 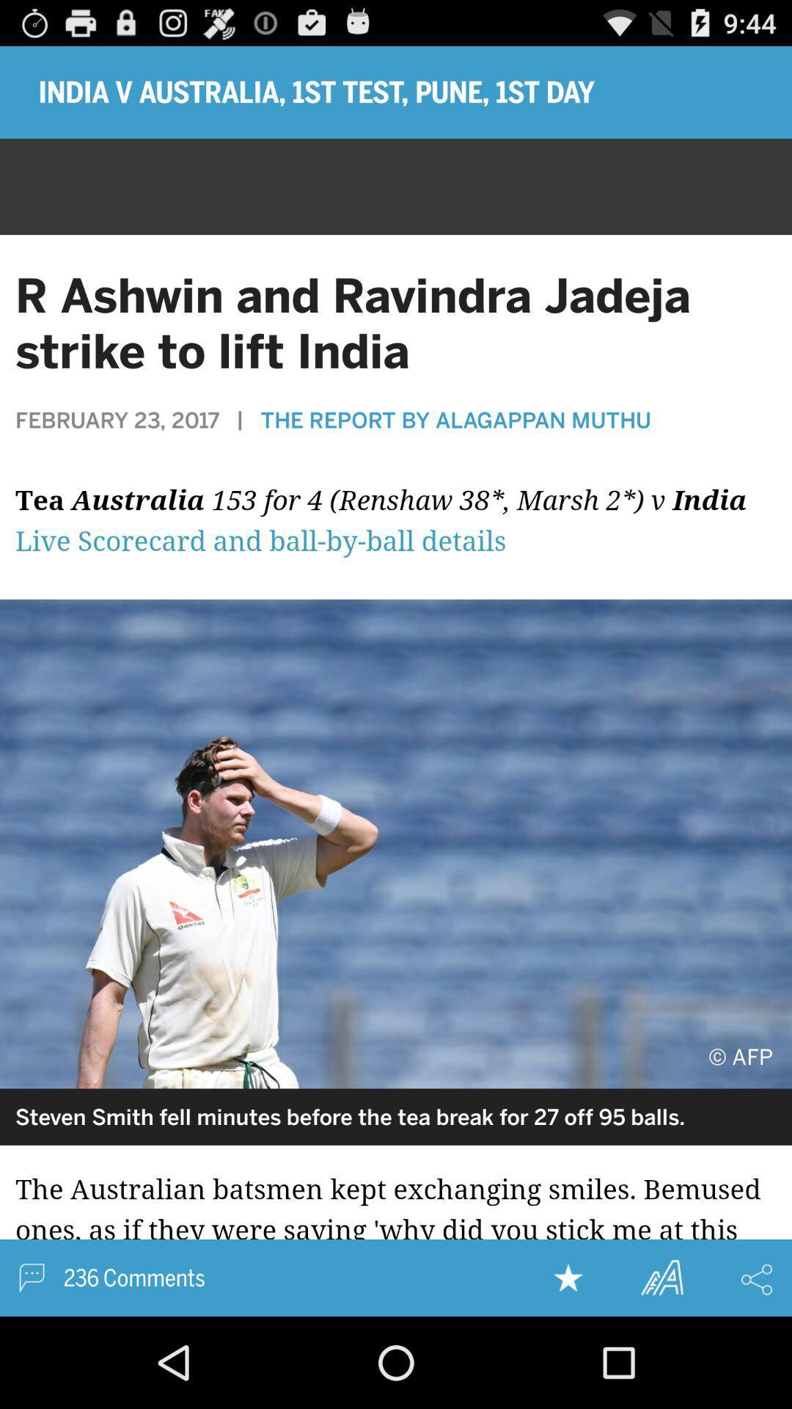 I want to click on open news story, so click(x=396, y=1231).